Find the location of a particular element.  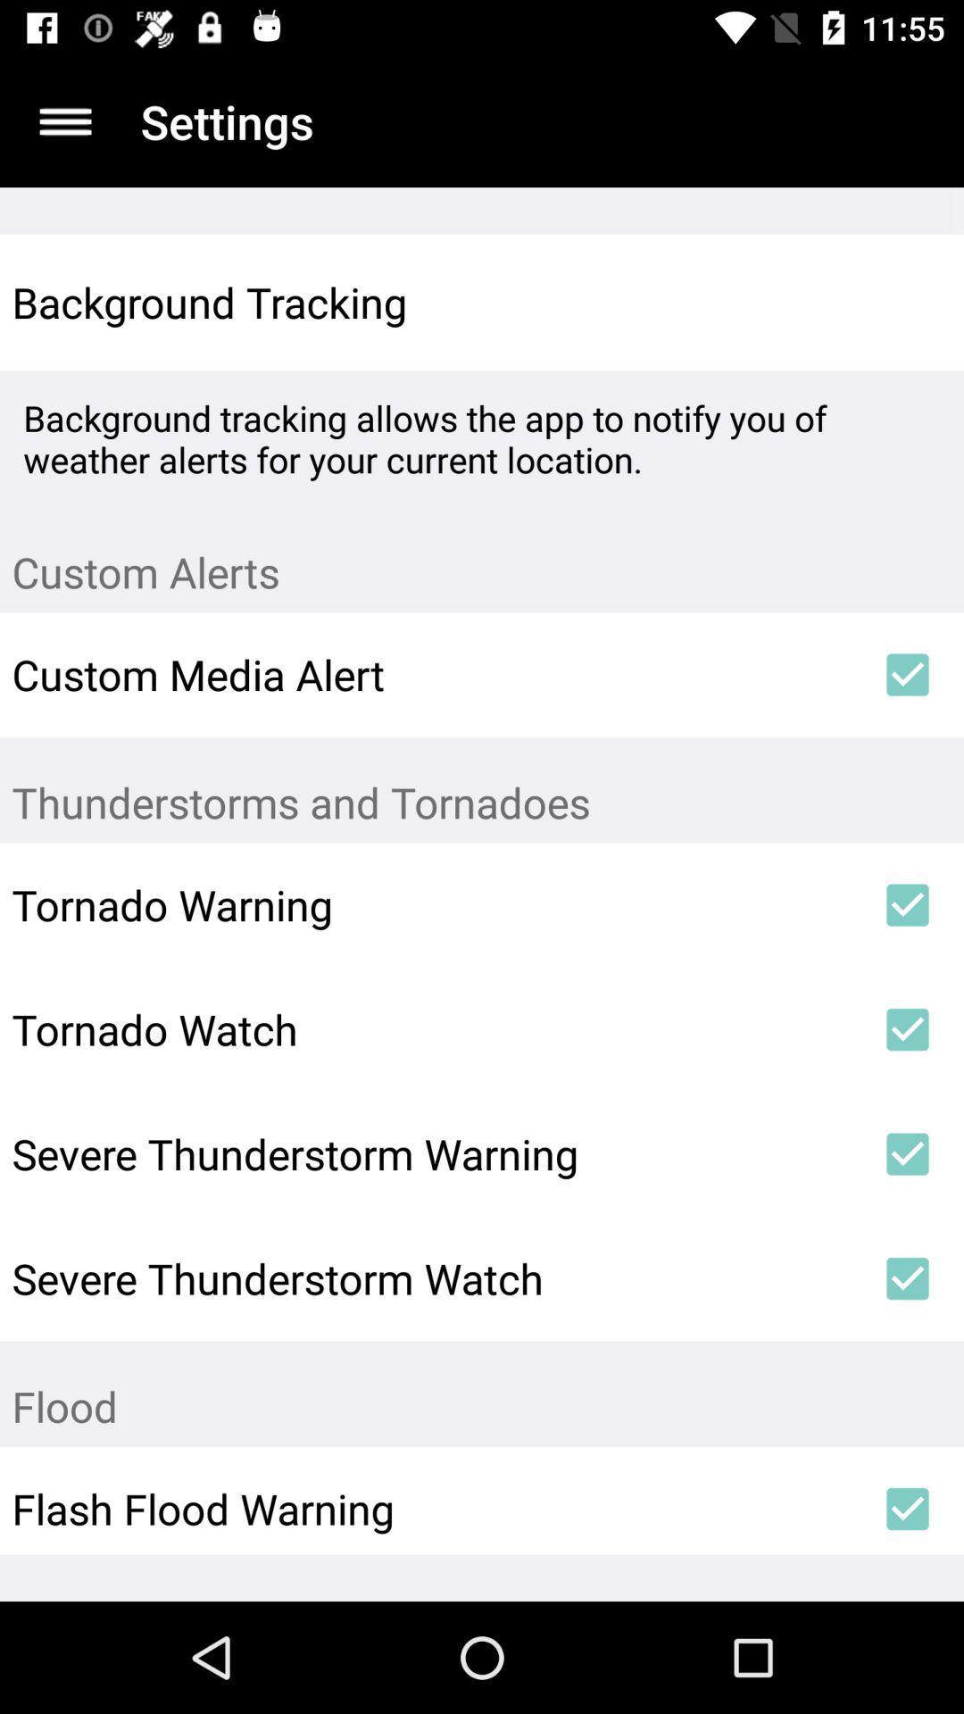

the menu icon is located at coordinates (64, 121).